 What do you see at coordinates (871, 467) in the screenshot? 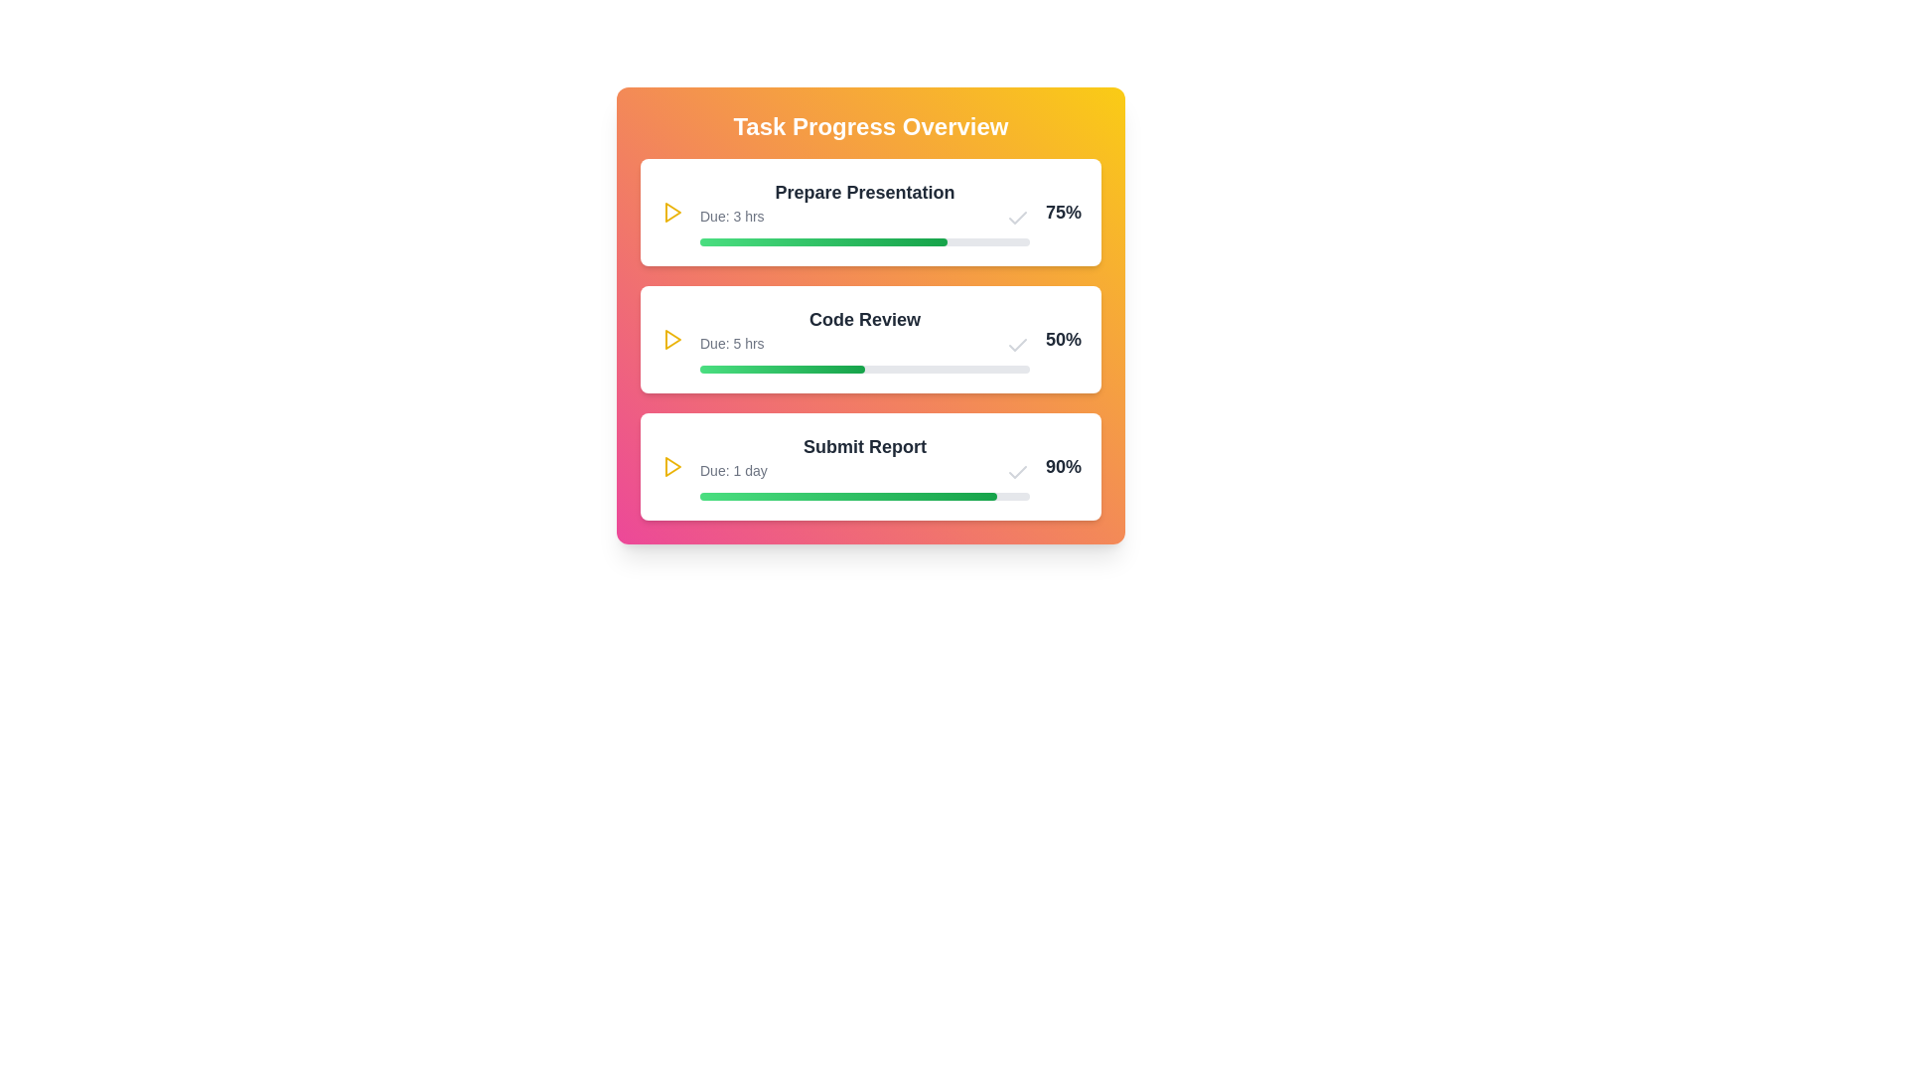
I see `the Informational Card titled 'Submit Report'` at bounding box center [871, 467].